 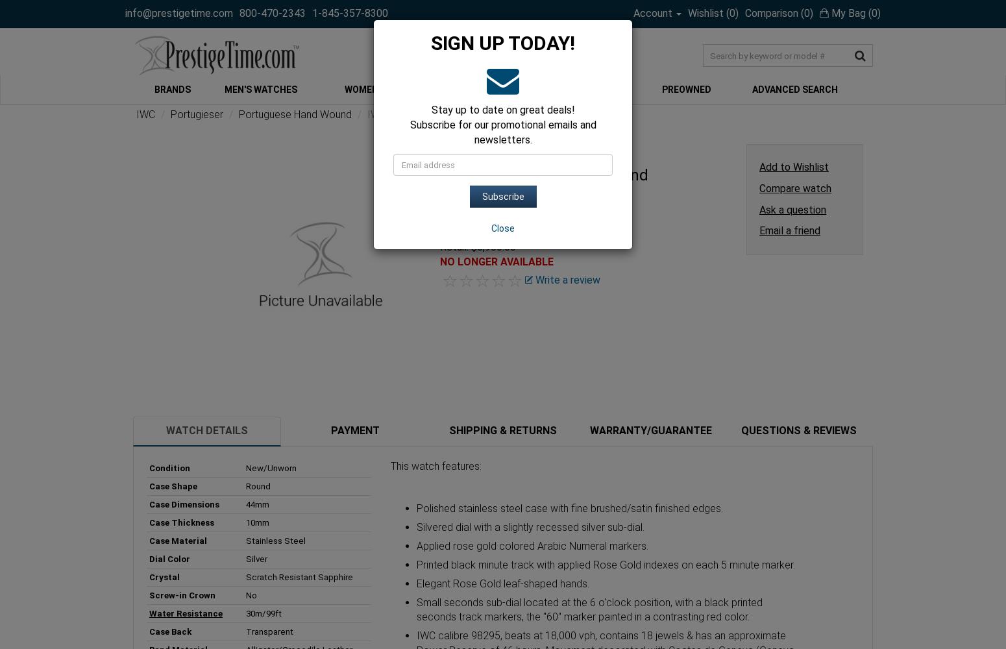 I want to click on 'info@prestigetime.com', so click(x=179, y=13).